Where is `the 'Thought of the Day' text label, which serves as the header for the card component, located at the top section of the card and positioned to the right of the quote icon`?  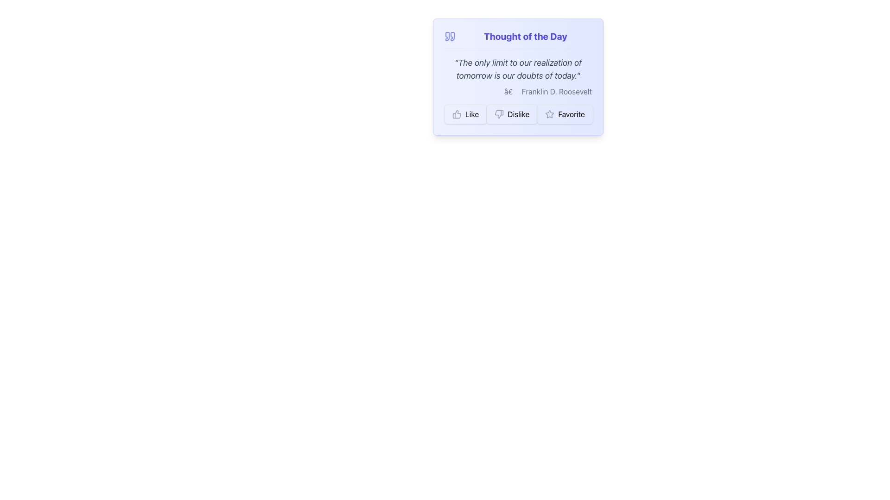
the 'Thought of the Day' text label, which serves as the header for the card component, located at the top section of the card and positioned to the right of the quote icon is located at coordinates (525, 36).